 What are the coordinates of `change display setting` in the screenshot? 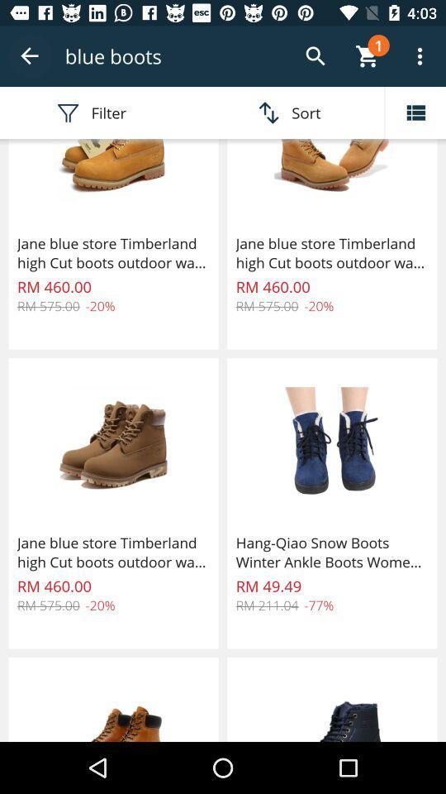 It's located at (415, 112).